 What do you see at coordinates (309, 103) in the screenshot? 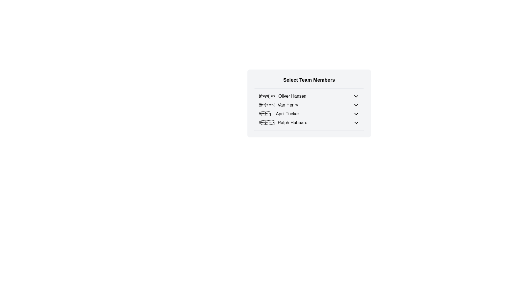
I see `the second list item 'Van Henry' in the 'Select Team Members' card to highlight or select the team member` at bounding box center [309, 103].